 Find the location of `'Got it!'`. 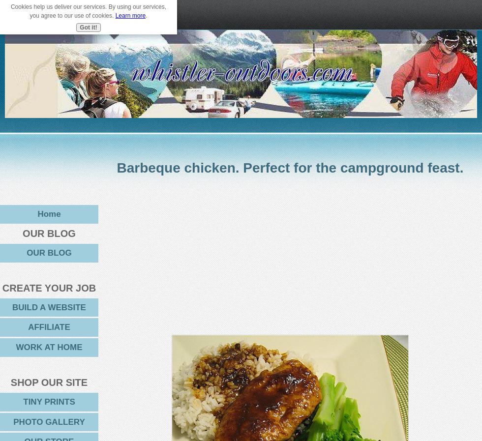

'Got it!' is located at coordinates (79, 26).